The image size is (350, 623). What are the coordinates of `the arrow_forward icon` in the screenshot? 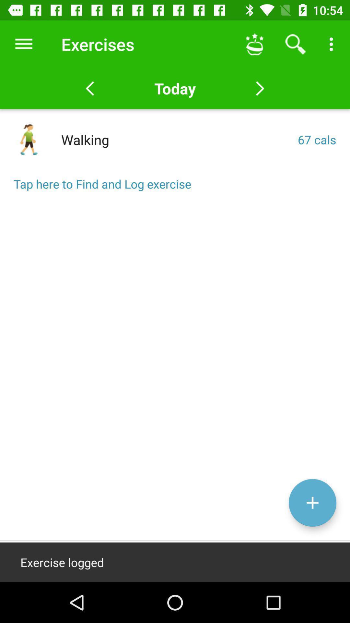 It's located at (260, 88).